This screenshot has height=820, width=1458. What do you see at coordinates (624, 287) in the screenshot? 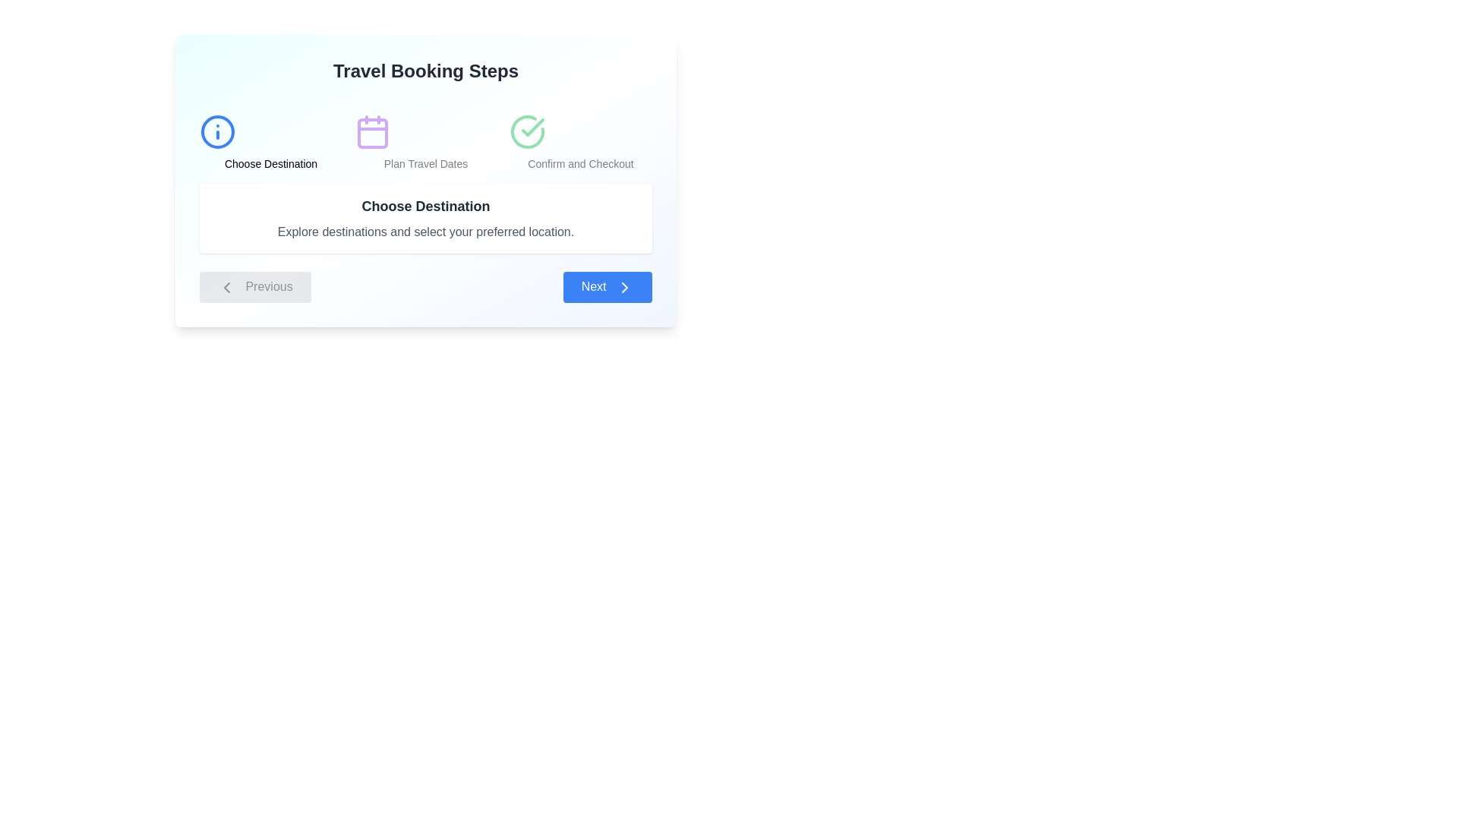
I see `the forward navigation icon located to the right of the 'Next' text within the blue 'Next' button at the bottom-right corner of the interface` at bounding box center [624, 287].